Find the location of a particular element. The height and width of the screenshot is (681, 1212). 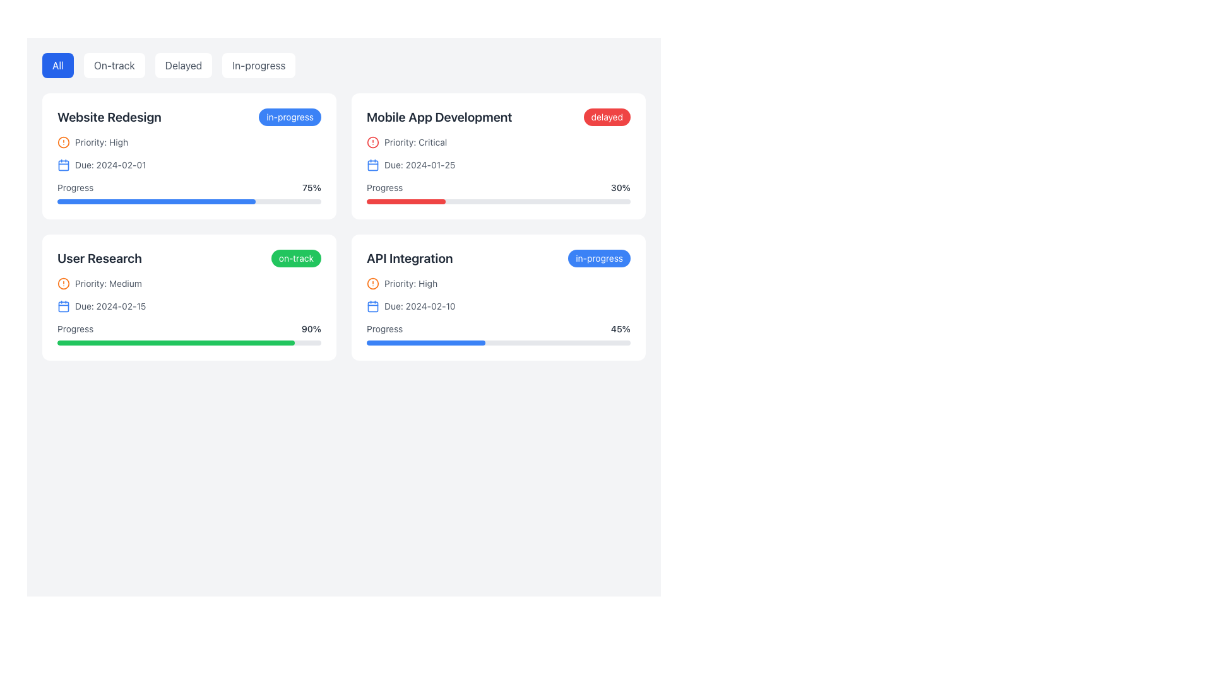

the filled red segment of the progress bar in the 'Mobile App Development' section, which spans 30% of the width and has rounded ends is located at coordinates (406, 201).